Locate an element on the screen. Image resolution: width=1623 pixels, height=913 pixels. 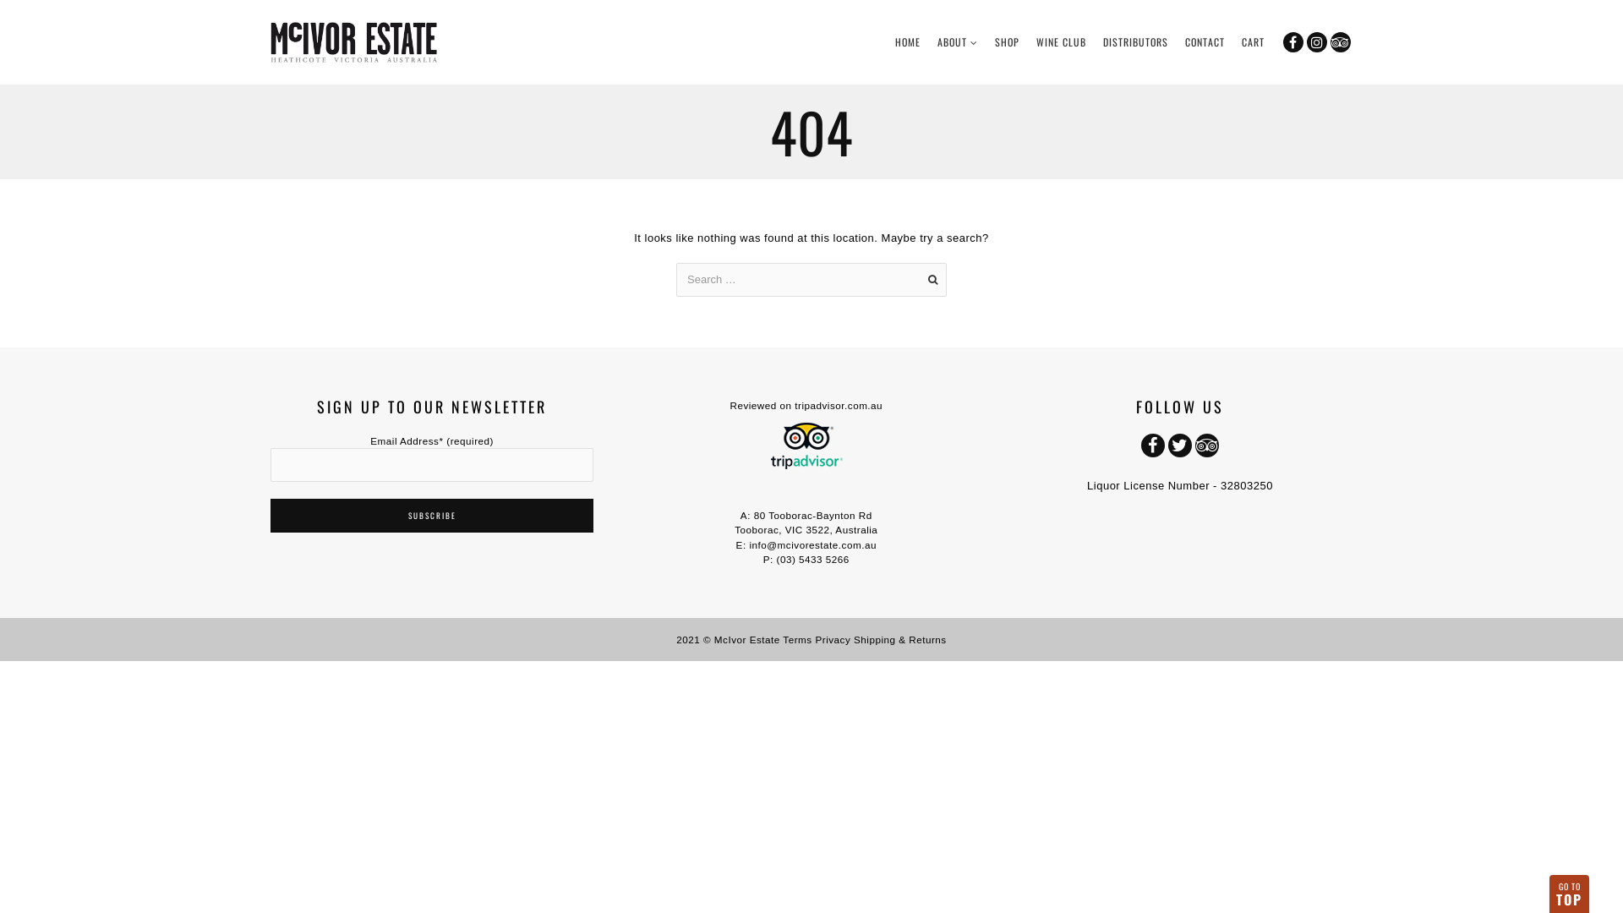
'SHOP' is located at coordinates (1007, 41).